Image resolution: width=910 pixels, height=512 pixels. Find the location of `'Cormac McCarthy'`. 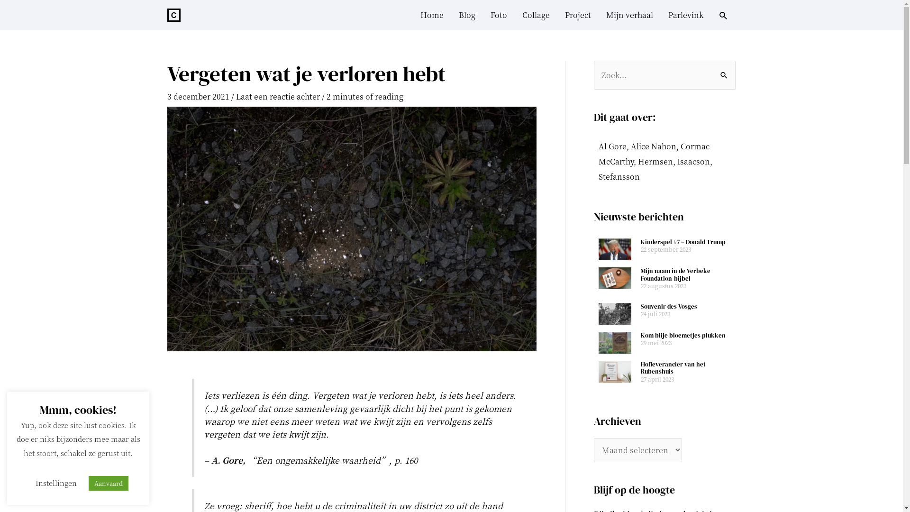

'Cormac McCarthy' is located at coordinates (653, 153).